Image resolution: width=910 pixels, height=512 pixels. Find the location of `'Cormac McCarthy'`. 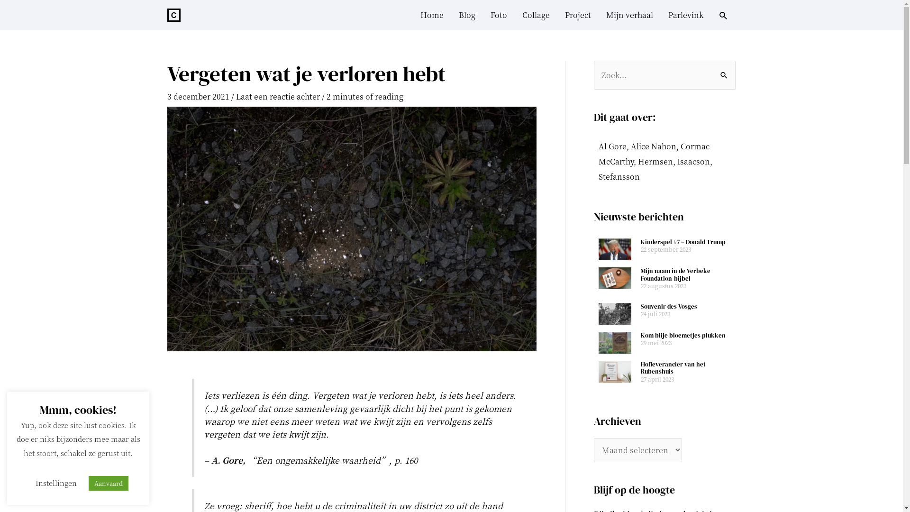

'Cormac McCarthy' is located at coordinates (653, 153).